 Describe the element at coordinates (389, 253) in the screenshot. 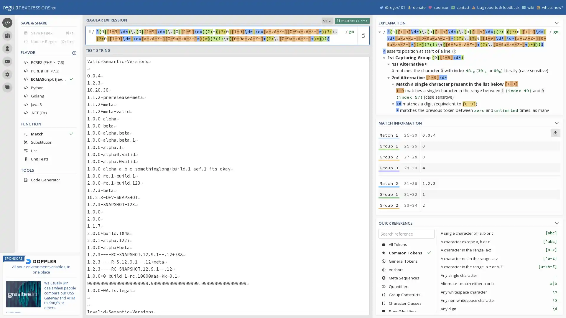

I see `Group 2` at that location.